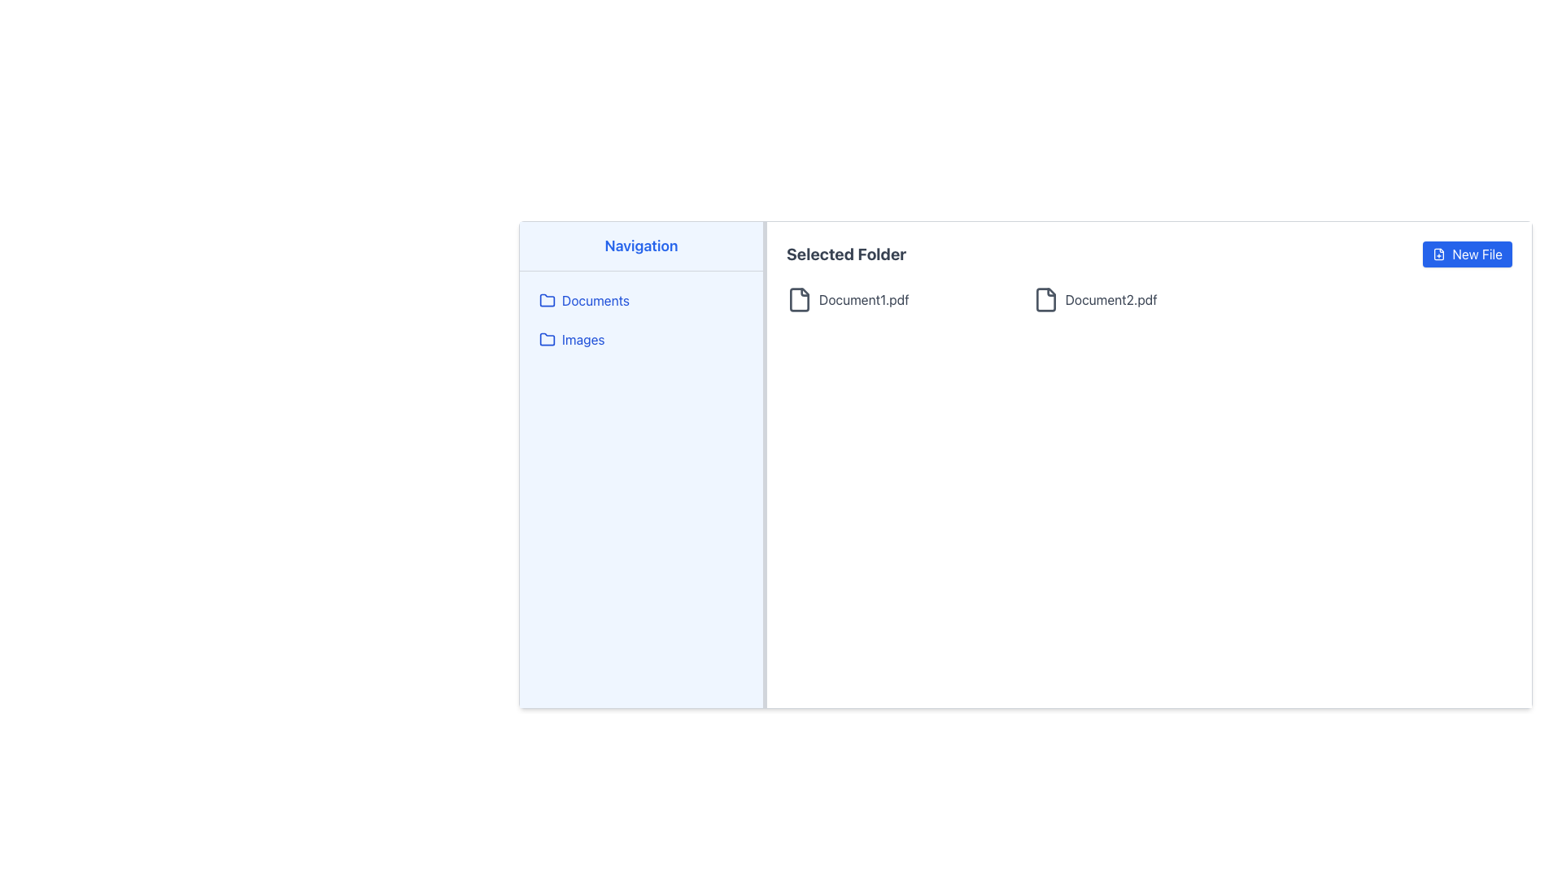 The image size is (1562, 878). I want to click on document icon with a folded corner in the right-side file listing area using developer tools, so click(1045, 300).